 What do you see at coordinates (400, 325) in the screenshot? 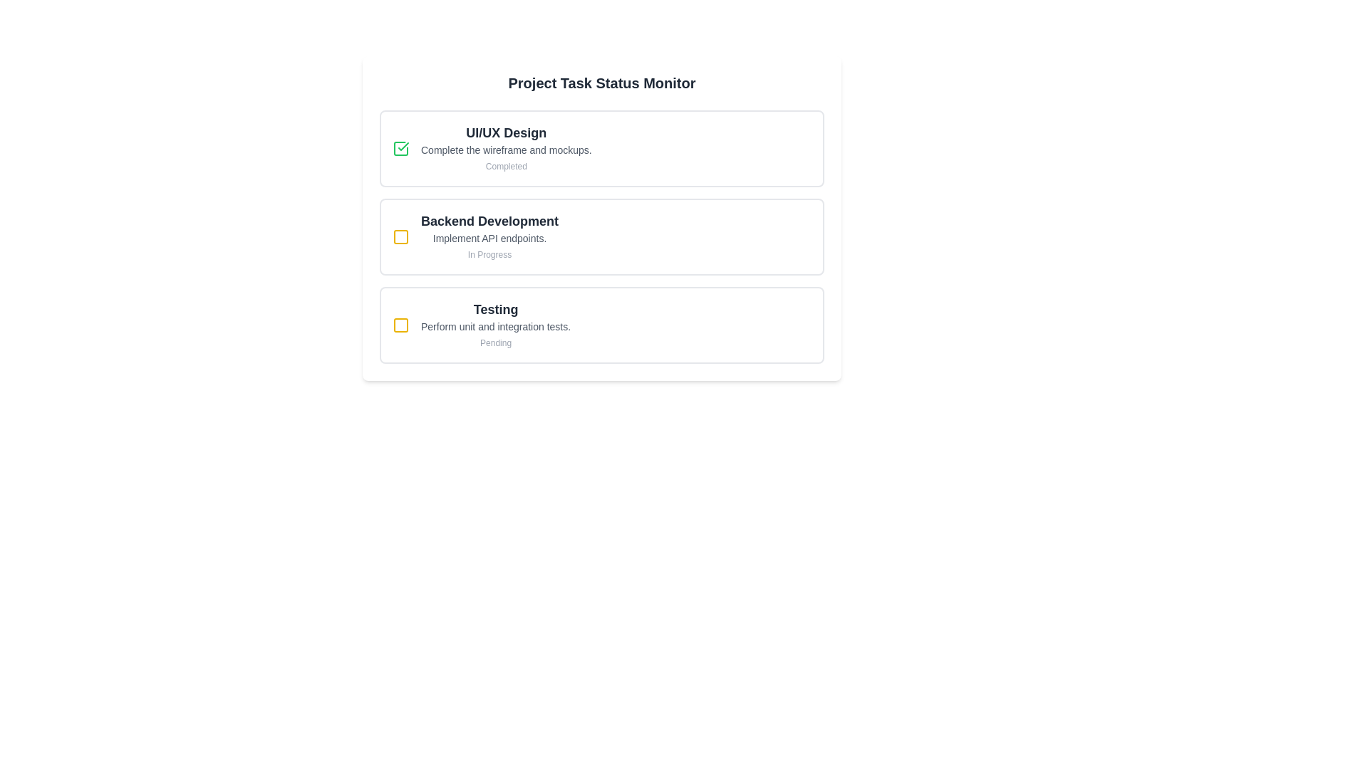
I see `the yellow status indicator icon for the 'Testing' task, which is the leftmost element in the task entry` at bounding box center [400, 325].